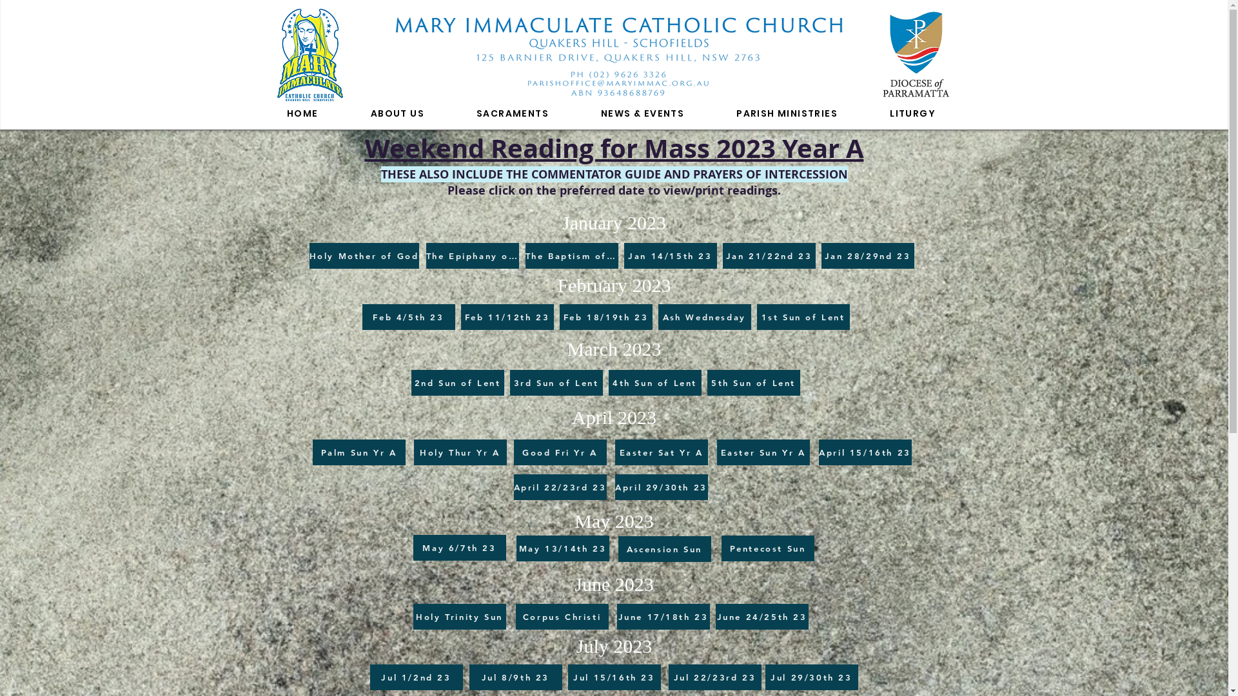 The width and height of the screenshot is (1238, 696). I want to click on 'April 15/16th 23', so click(818, 452).